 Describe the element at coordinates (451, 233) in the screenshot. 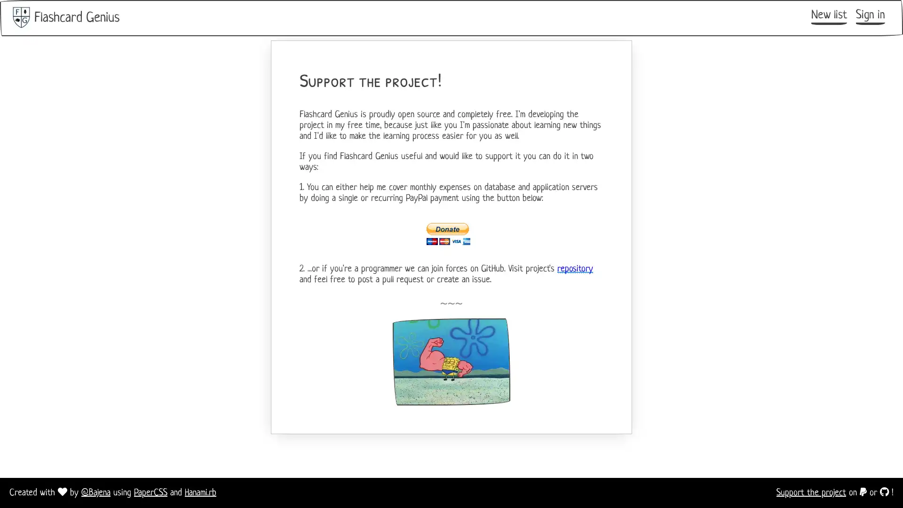

I see `Donate with PayPal button` at that location.